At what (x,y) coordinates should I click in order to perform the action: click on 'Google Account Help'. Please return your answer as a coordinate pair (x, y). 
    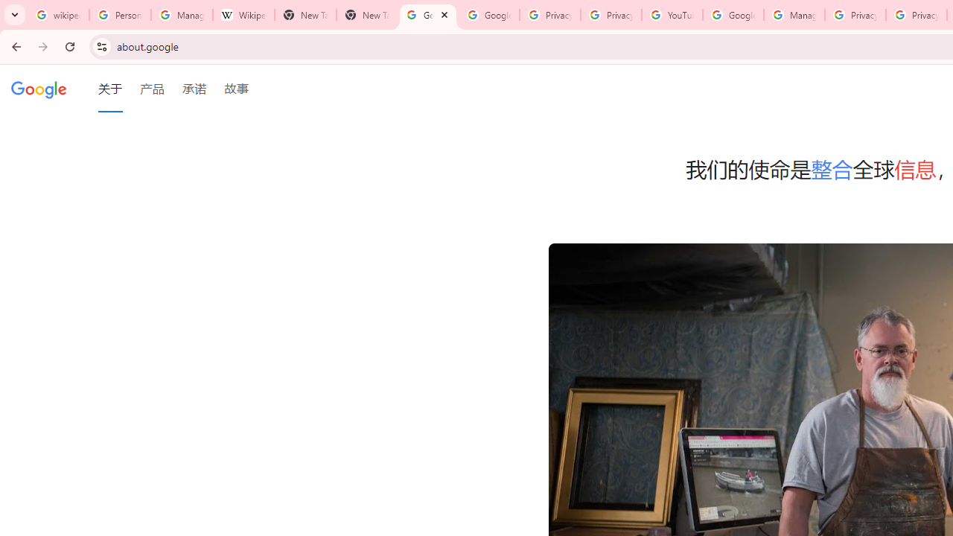
    Looking at the image, I should click on (733, 15).